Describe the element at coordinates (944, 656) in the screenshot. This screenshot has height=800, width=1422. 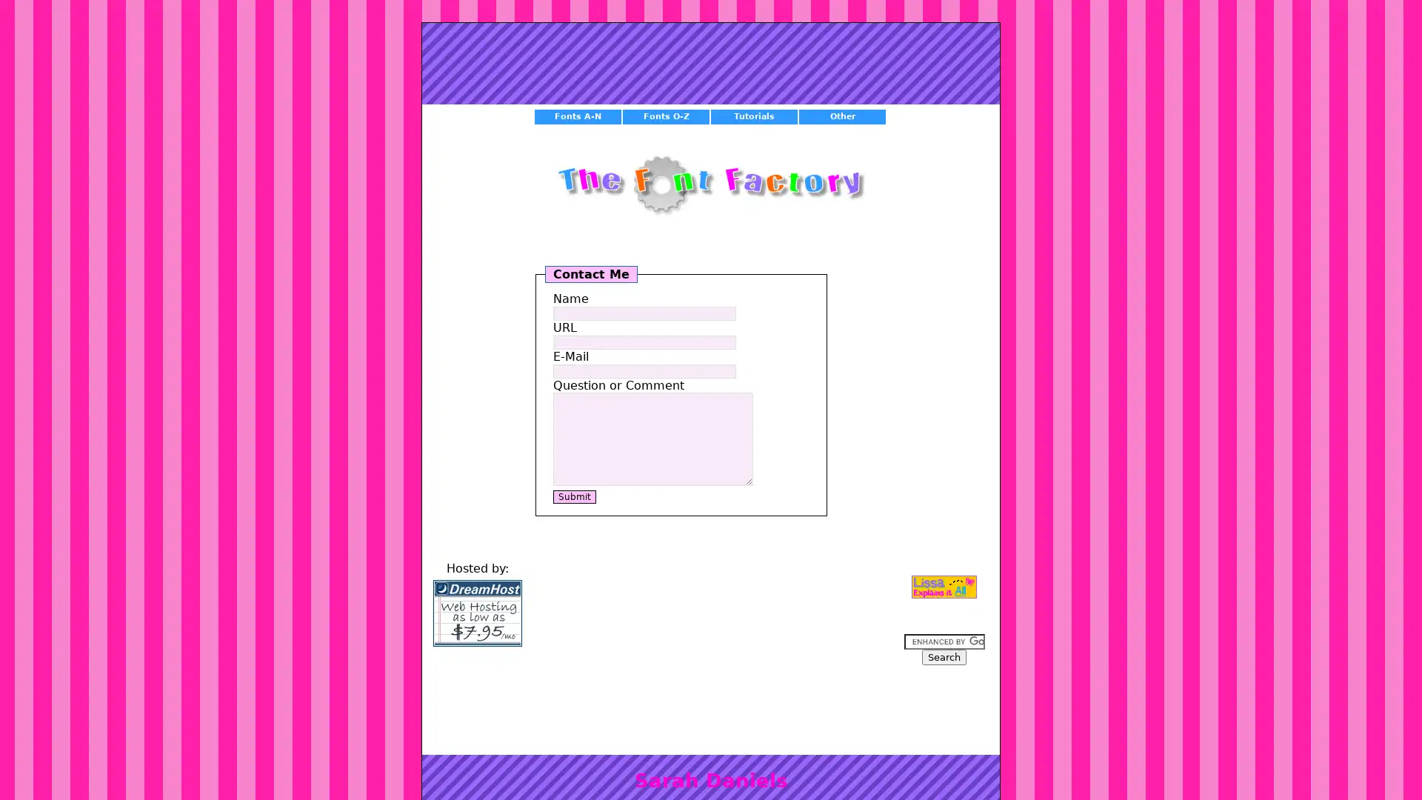
I see `Search` at that location.